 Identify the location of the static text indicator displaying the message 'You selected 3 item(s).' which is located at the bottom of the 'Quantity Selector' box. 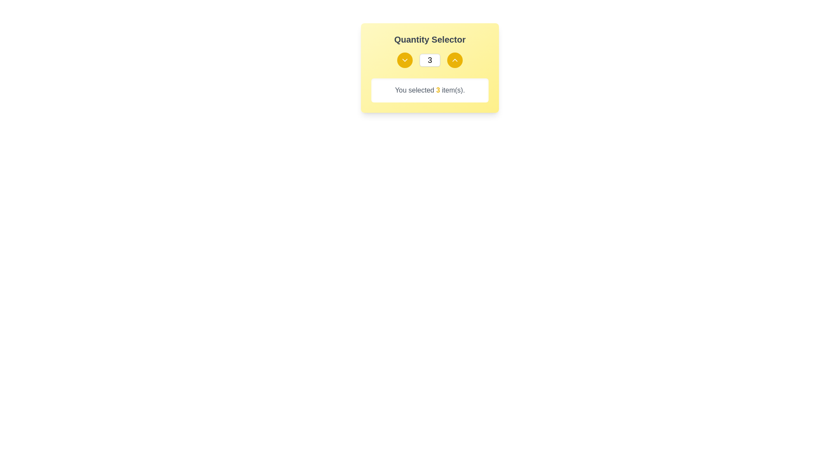
(430, 90).